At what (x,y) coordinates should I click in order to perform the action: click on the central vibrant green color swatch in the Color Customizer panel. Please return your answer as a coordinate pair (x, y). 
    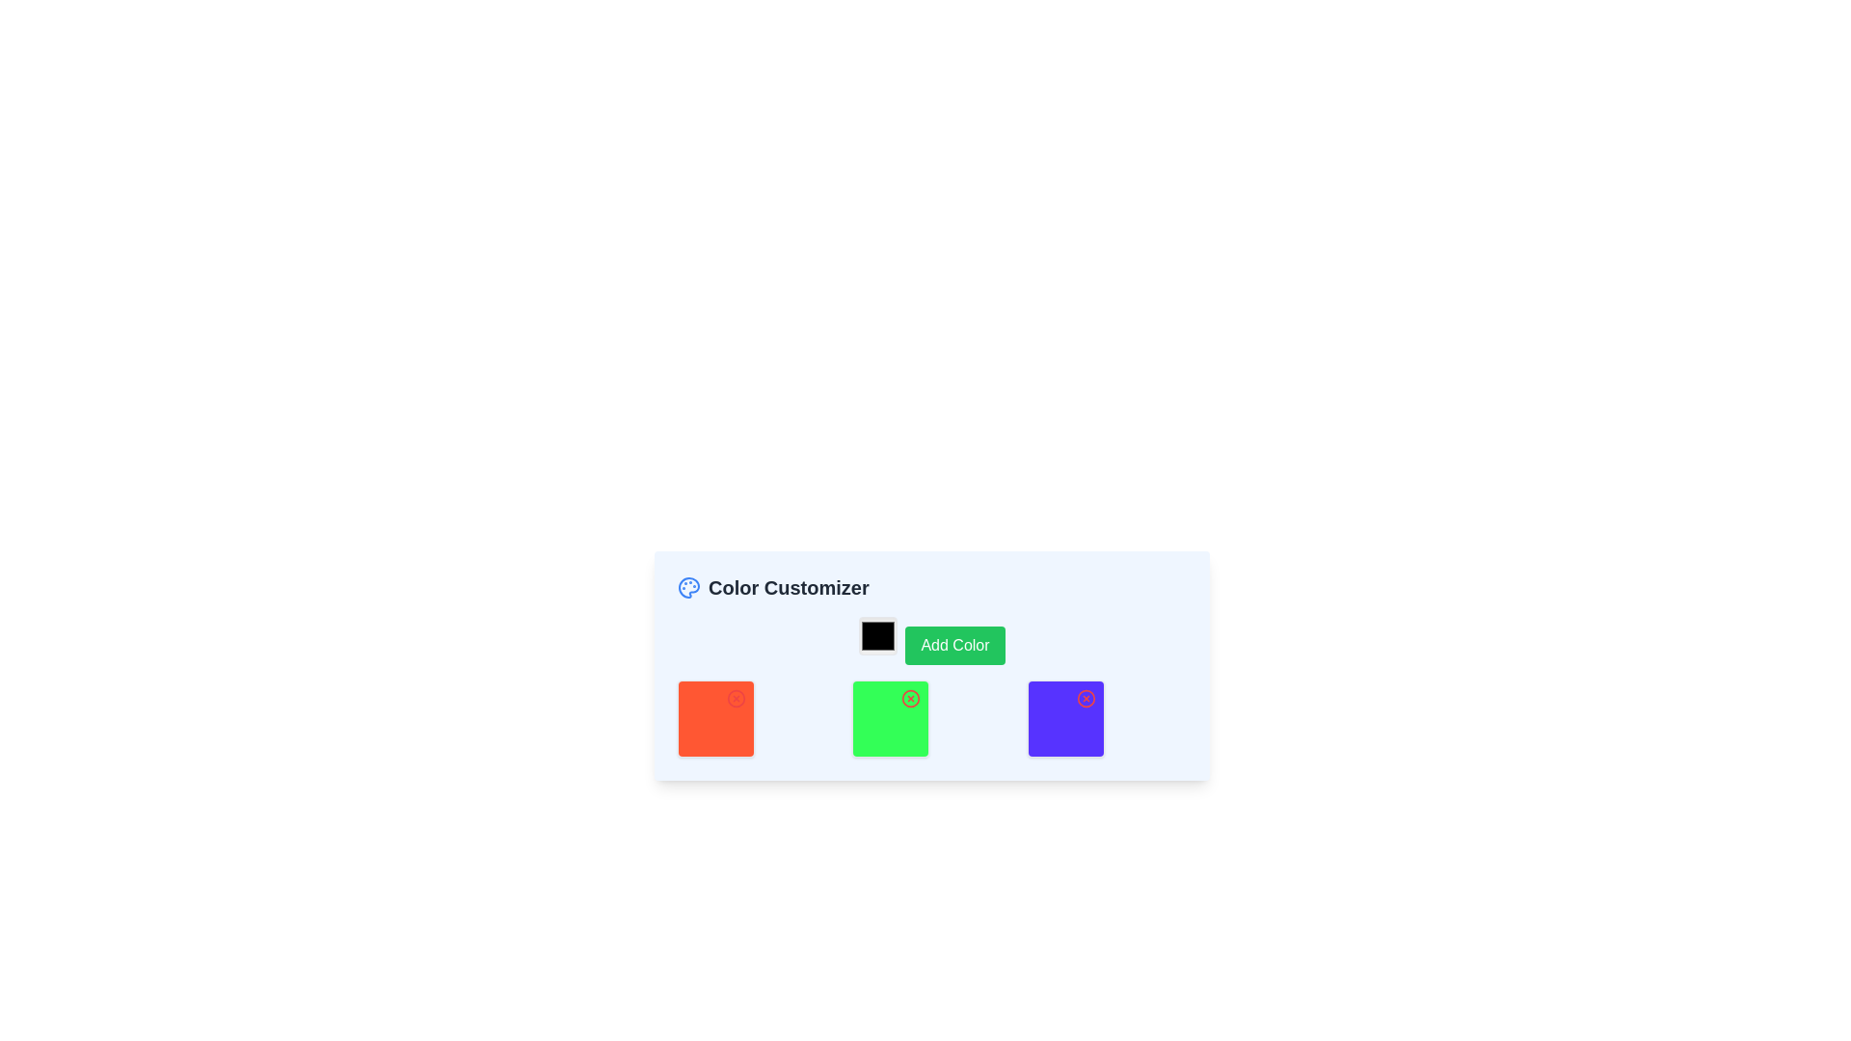
    Looking at the image, I should click on (890, 718).